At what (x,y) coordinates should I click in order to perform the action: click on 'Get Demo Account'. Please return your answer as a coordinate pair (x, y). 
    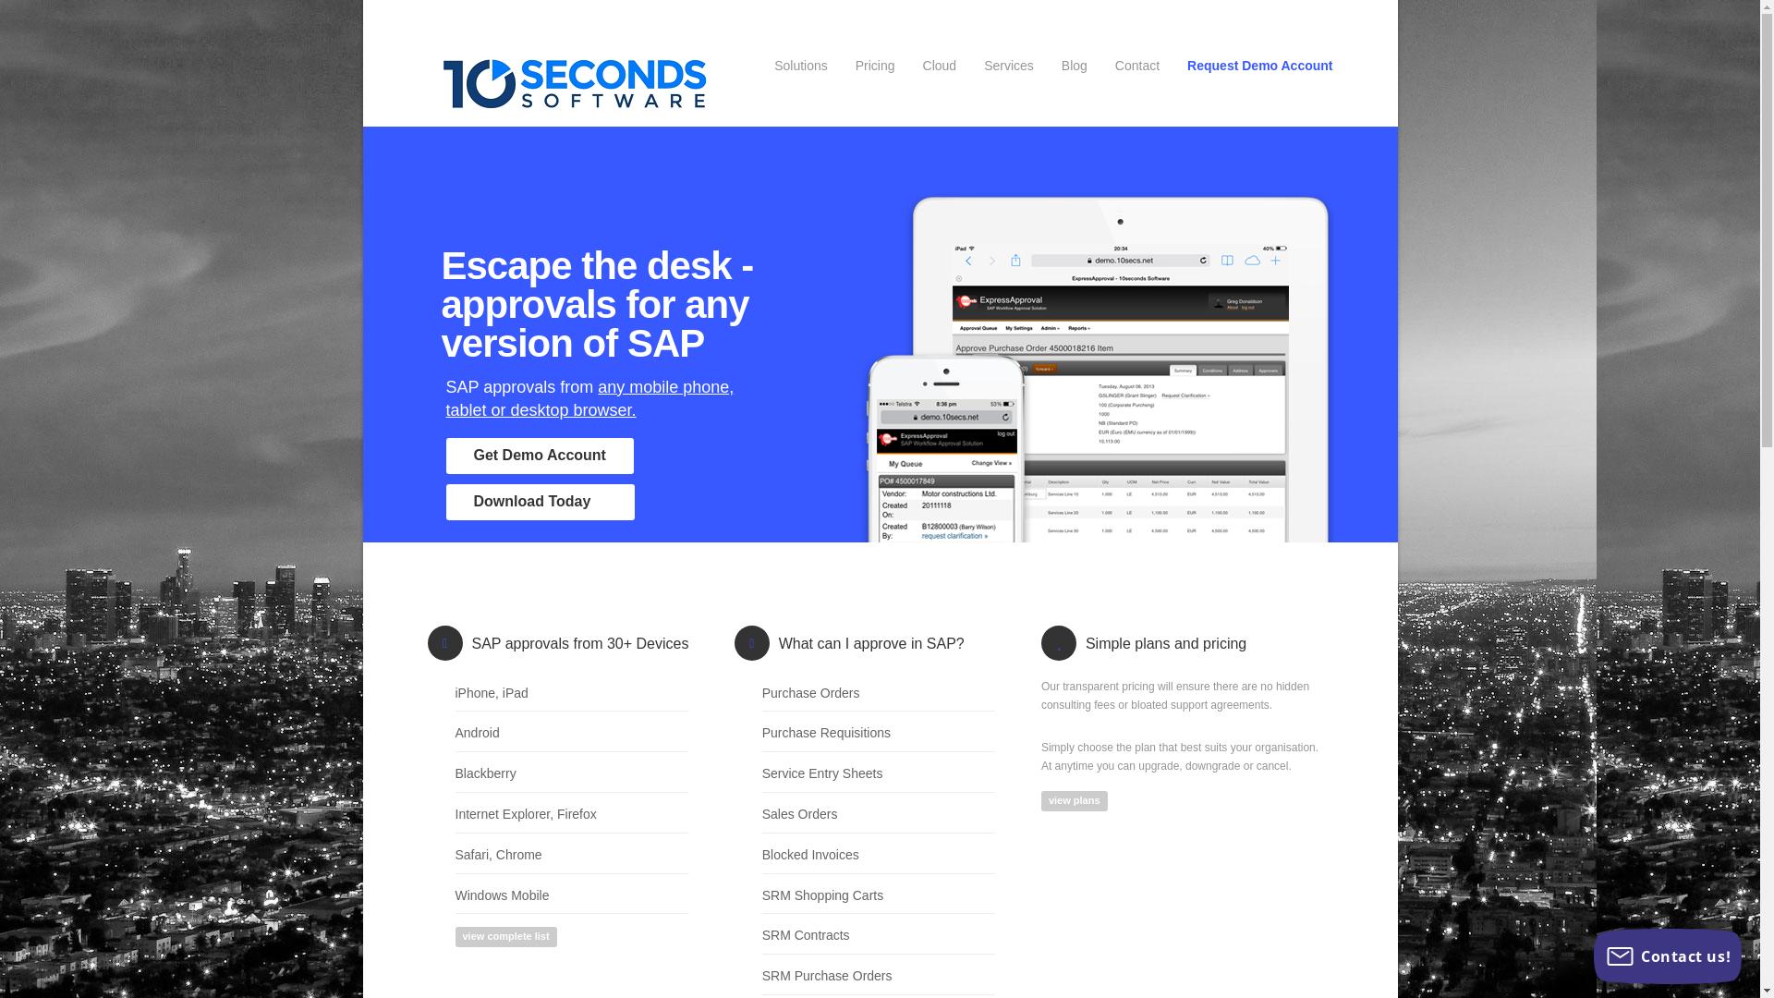
    Looking at the image, I should click on (444, 456).